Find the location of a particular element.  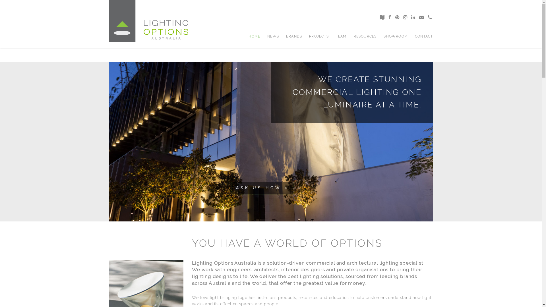

'Click to call us' is located at coordinates (427, 17).